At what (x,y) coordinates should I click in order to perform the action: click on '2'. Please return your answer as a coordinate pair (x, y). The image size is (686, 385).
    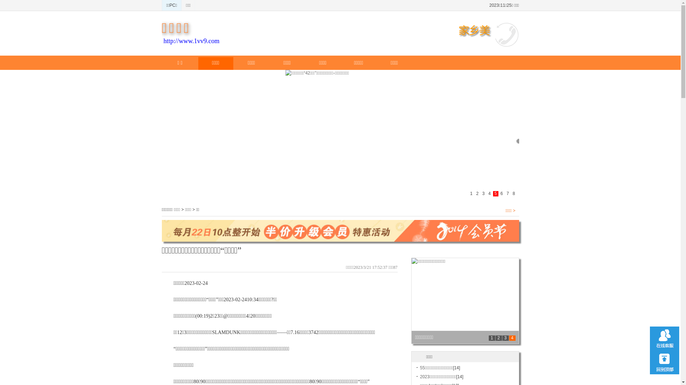
    Looking at the image, I should click on (498, 338).